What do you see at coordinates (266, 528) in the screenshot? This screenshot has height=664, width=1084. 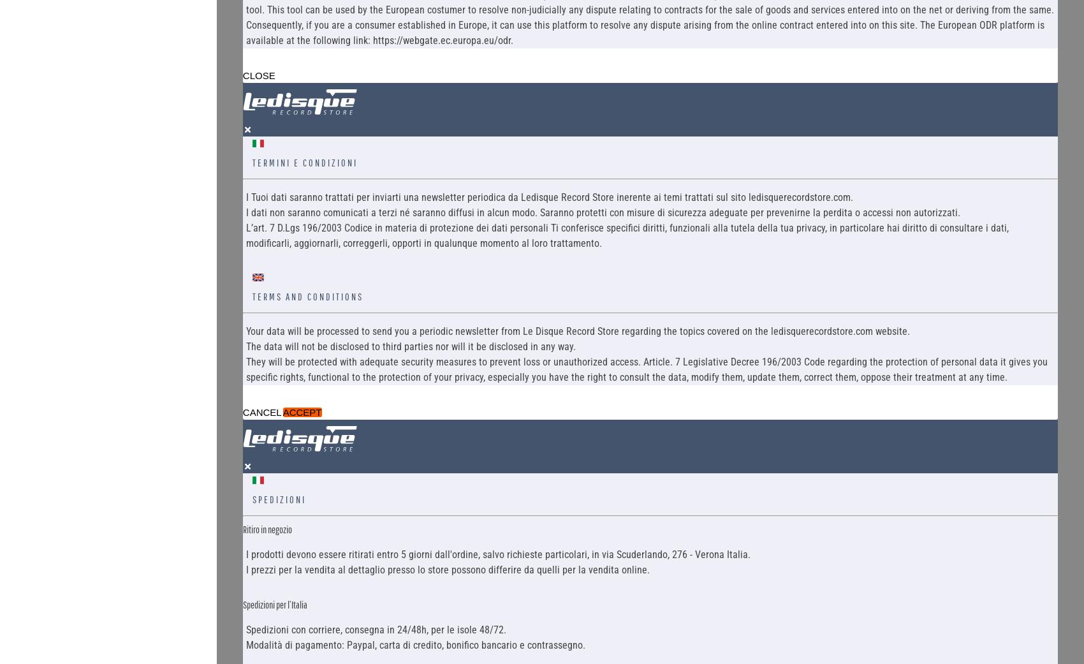 I see `'Ritiro in negozio'` at bounding box center [266, 528].